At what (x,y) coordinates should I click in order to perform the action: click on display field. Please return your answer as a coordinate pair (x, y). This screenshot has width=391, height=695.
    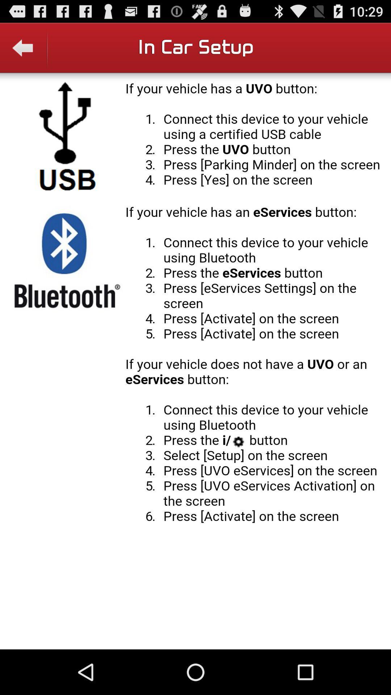
    Looking at the image, I should click on (195, 361).